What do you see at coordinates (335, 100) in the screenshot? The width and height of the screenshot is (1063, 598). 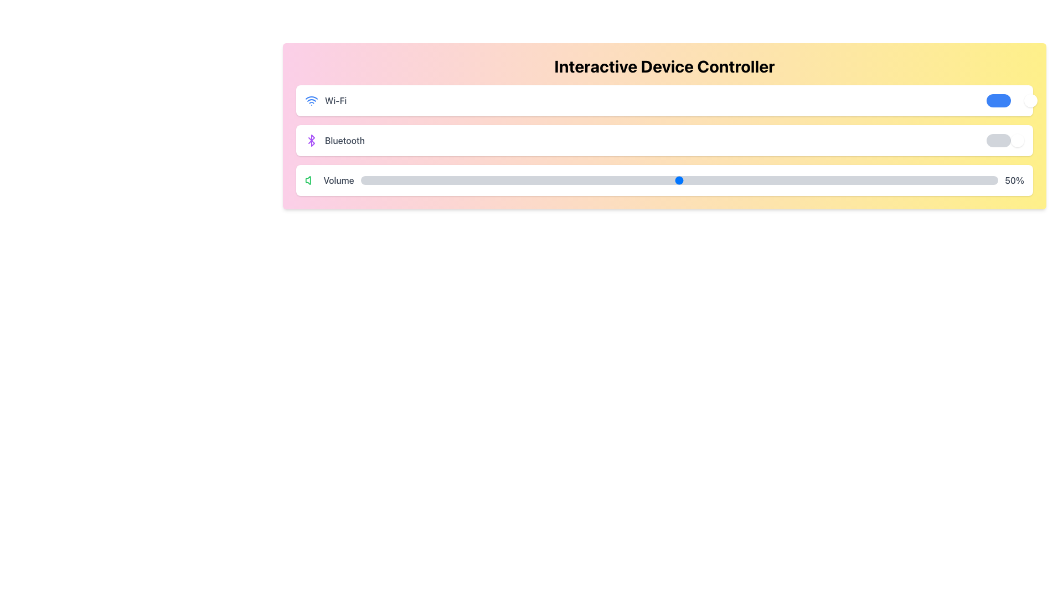 I see `the text label displaying 'Wi-Fi' in gray styling, which is positioned to the right of the 'Wi-Fi' icon` at bounding box center [335, 100].